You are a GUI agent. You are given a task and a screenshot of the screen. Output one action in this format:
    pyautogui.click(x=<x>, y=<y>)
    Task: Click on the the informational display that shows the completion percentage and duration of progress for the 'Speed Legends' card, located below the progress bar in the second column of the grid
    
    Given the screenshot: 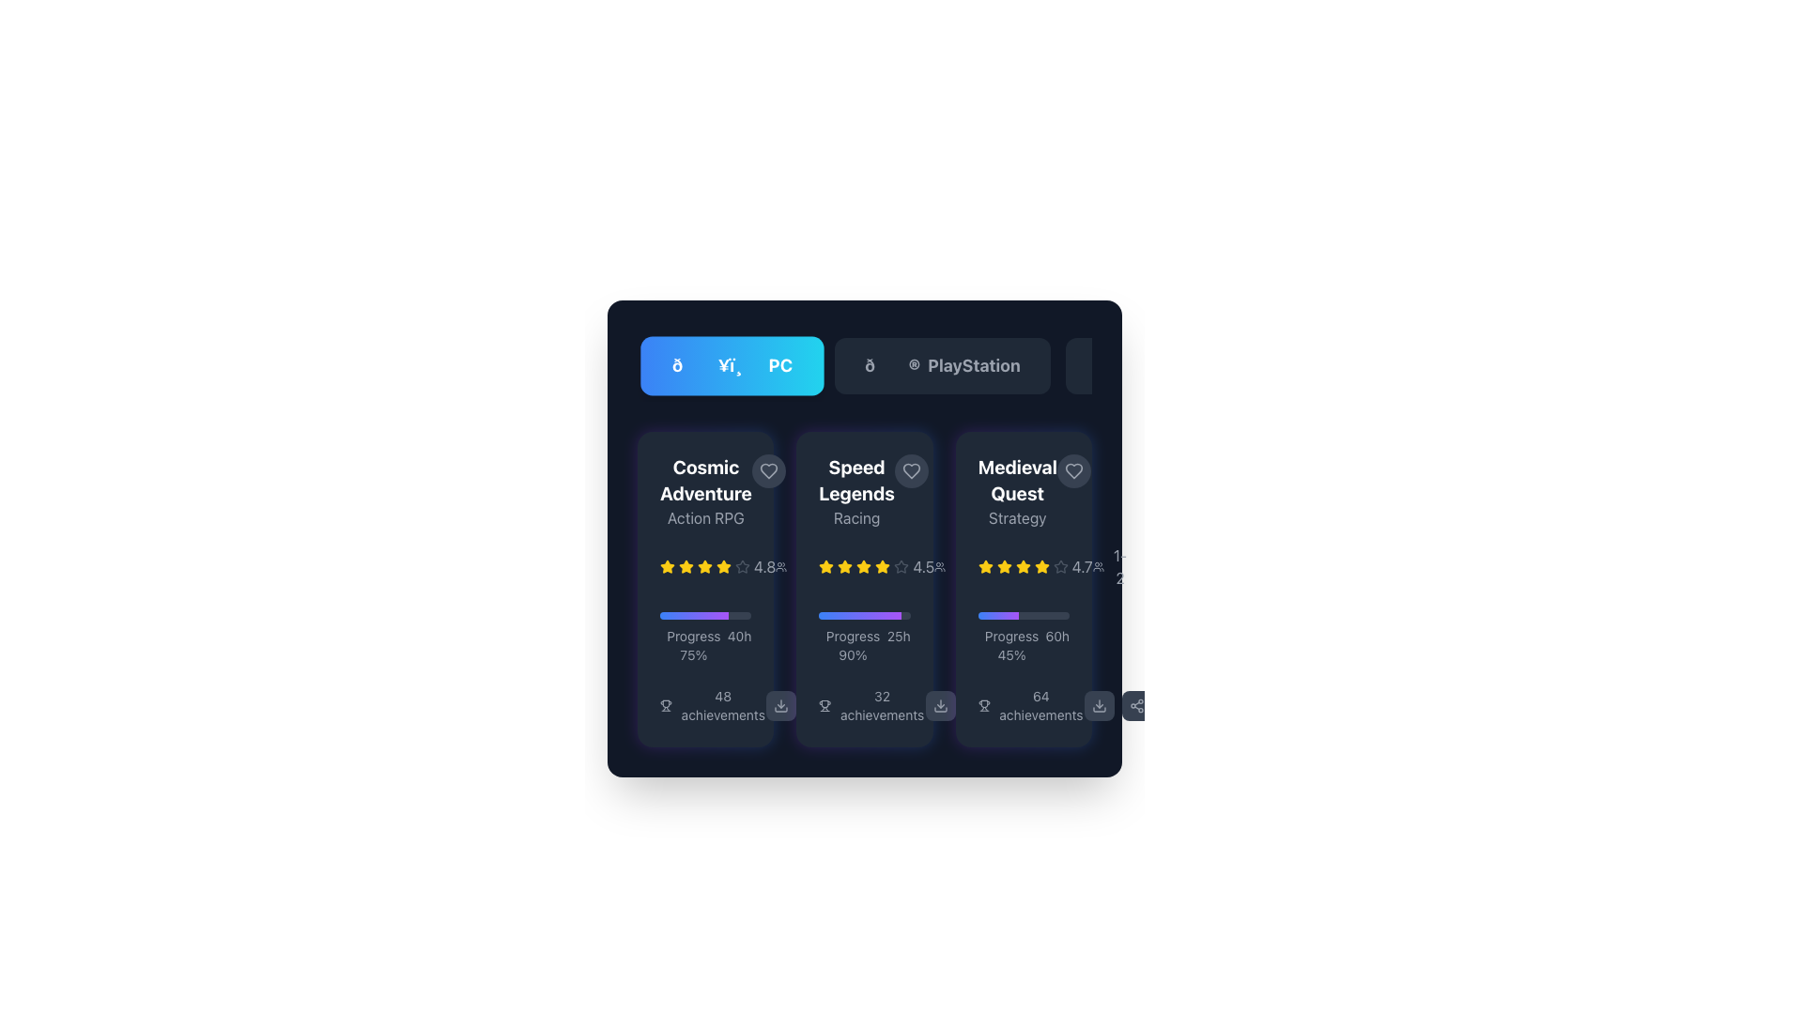 What is the action you would take?
    pyautogui.click(x=864, y=644)
    